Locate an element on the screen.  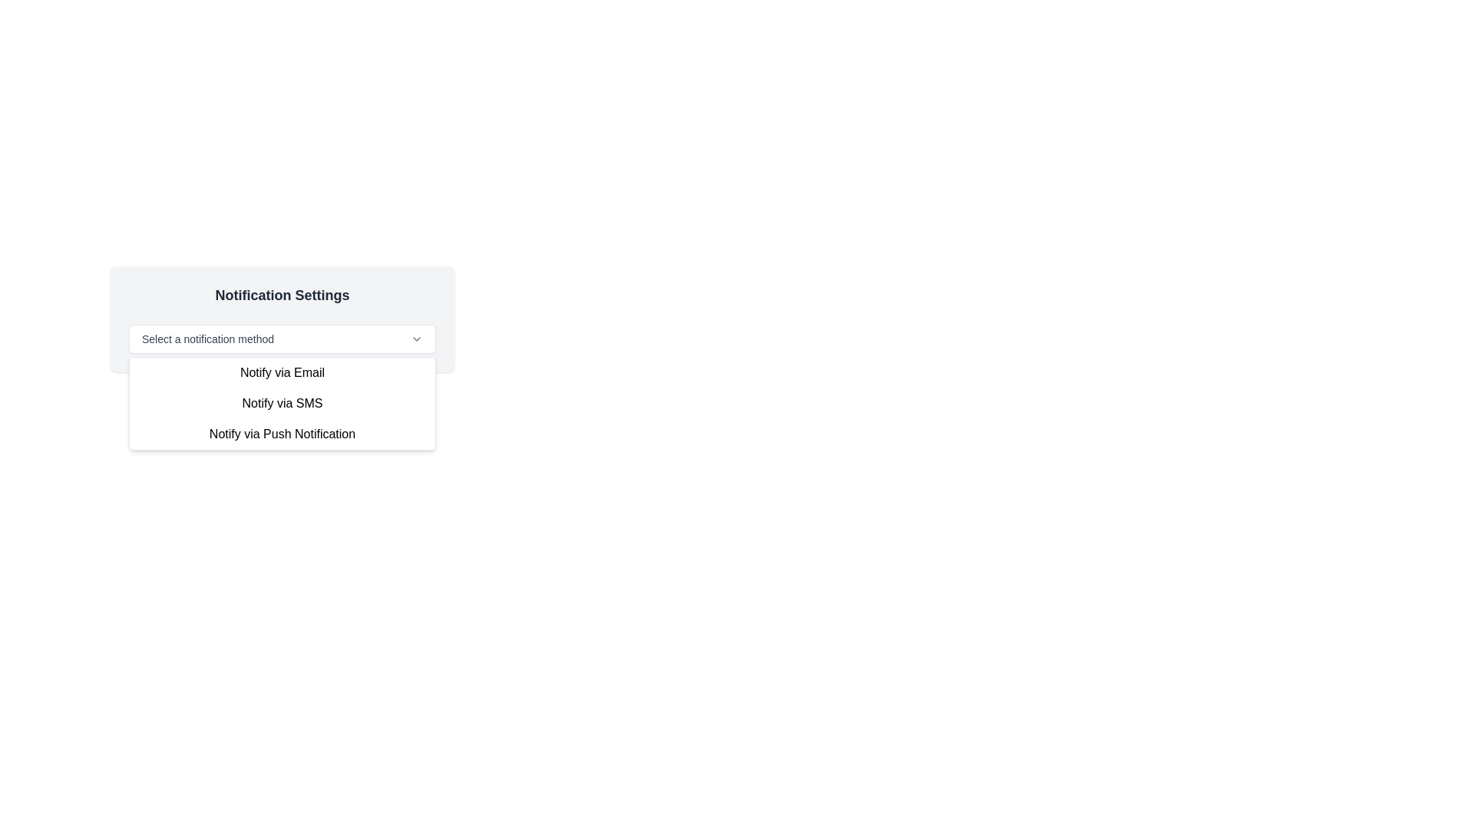
the dropdown menu labeled 'Select a notification method' is located at coordinates (283, 339).